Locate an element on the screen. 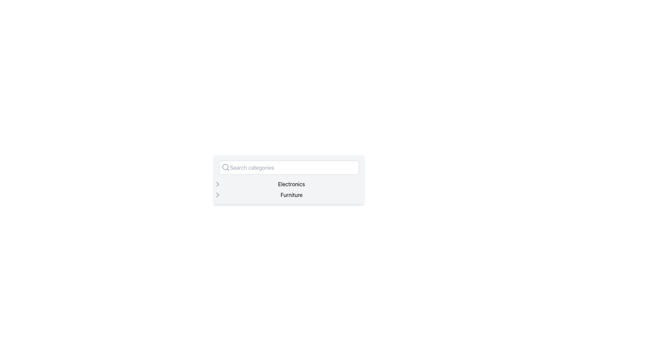  the chevron icon located near the left side of the category list is located at coordinates (217, 184).